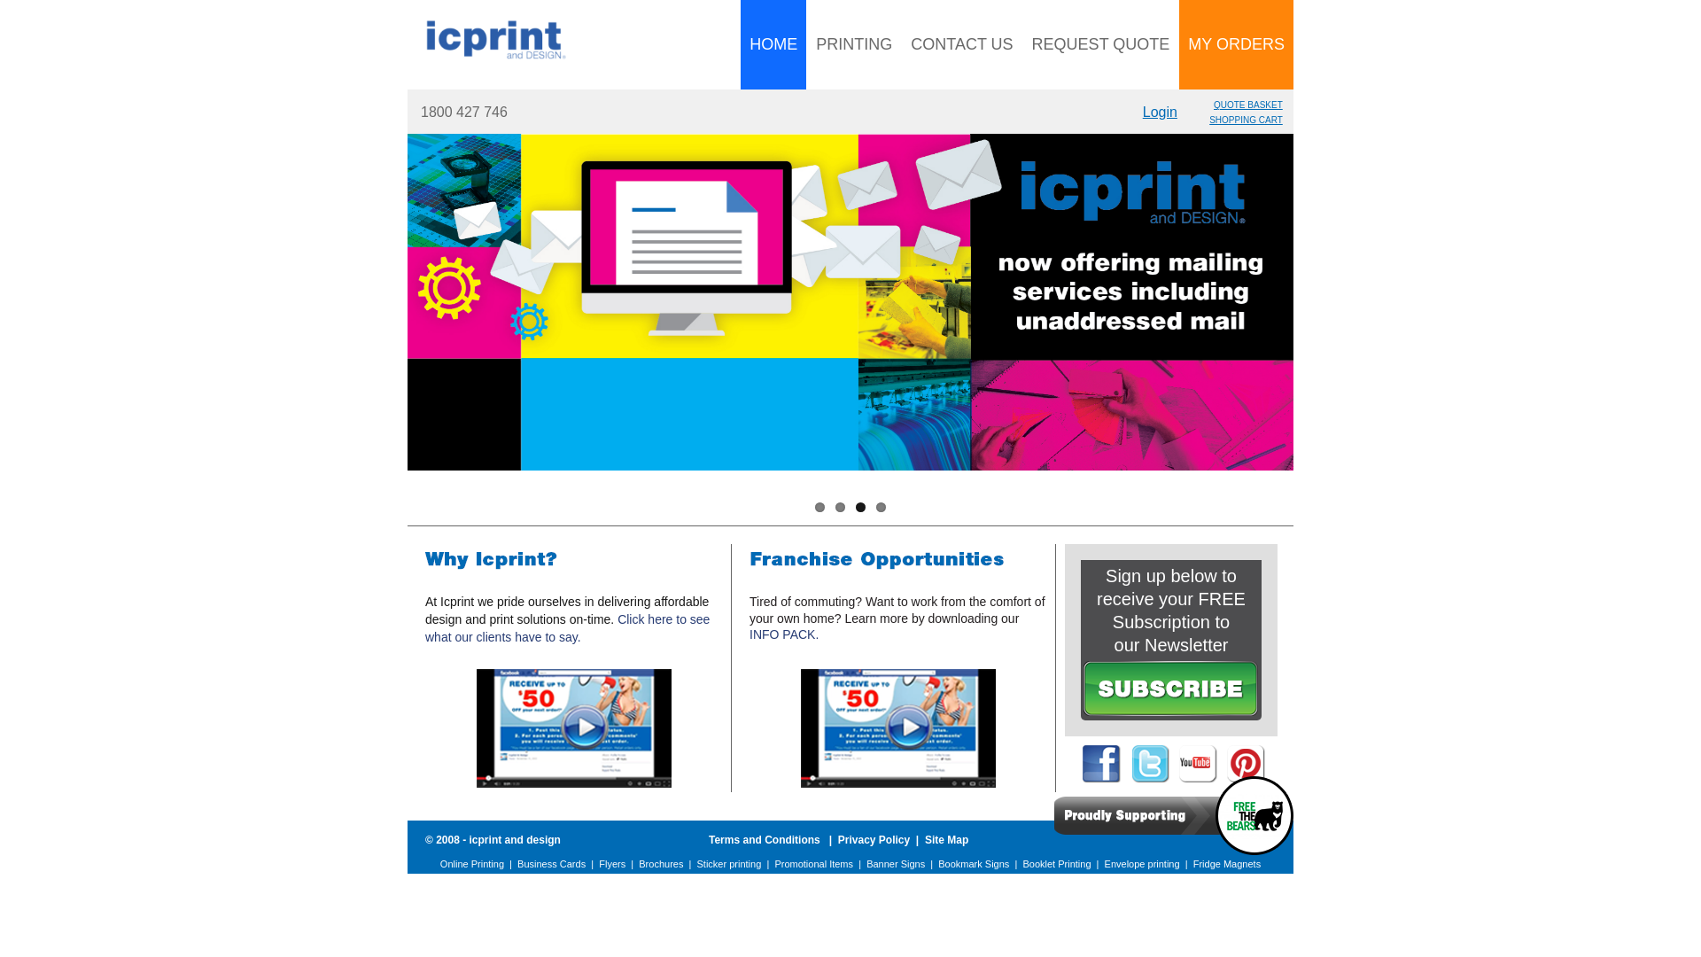 The image size is (1701, 957). Describe the element at coordinates (860, 507) in the screenshot. I see `'3'` at that location.